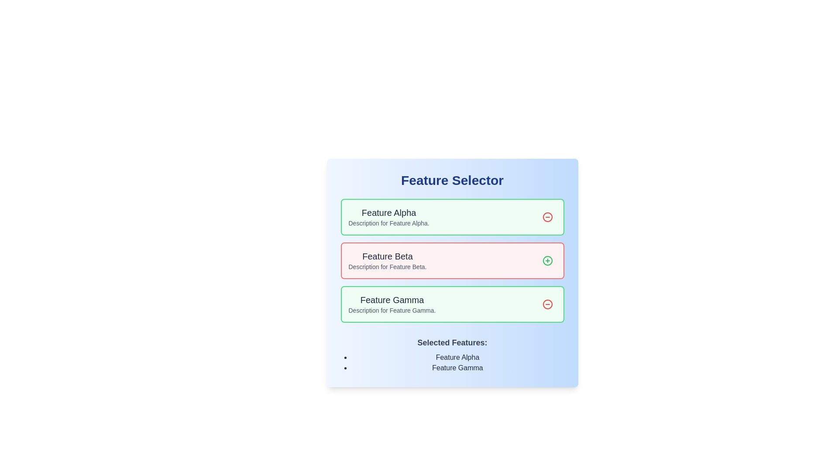 This screenshot has width=838, height=471. I want to click on the text block titled 'Feature Beta' which contains a bold heading and a description, located in the second row of the feature selection list with a red-tinted background, so click(387, 260).